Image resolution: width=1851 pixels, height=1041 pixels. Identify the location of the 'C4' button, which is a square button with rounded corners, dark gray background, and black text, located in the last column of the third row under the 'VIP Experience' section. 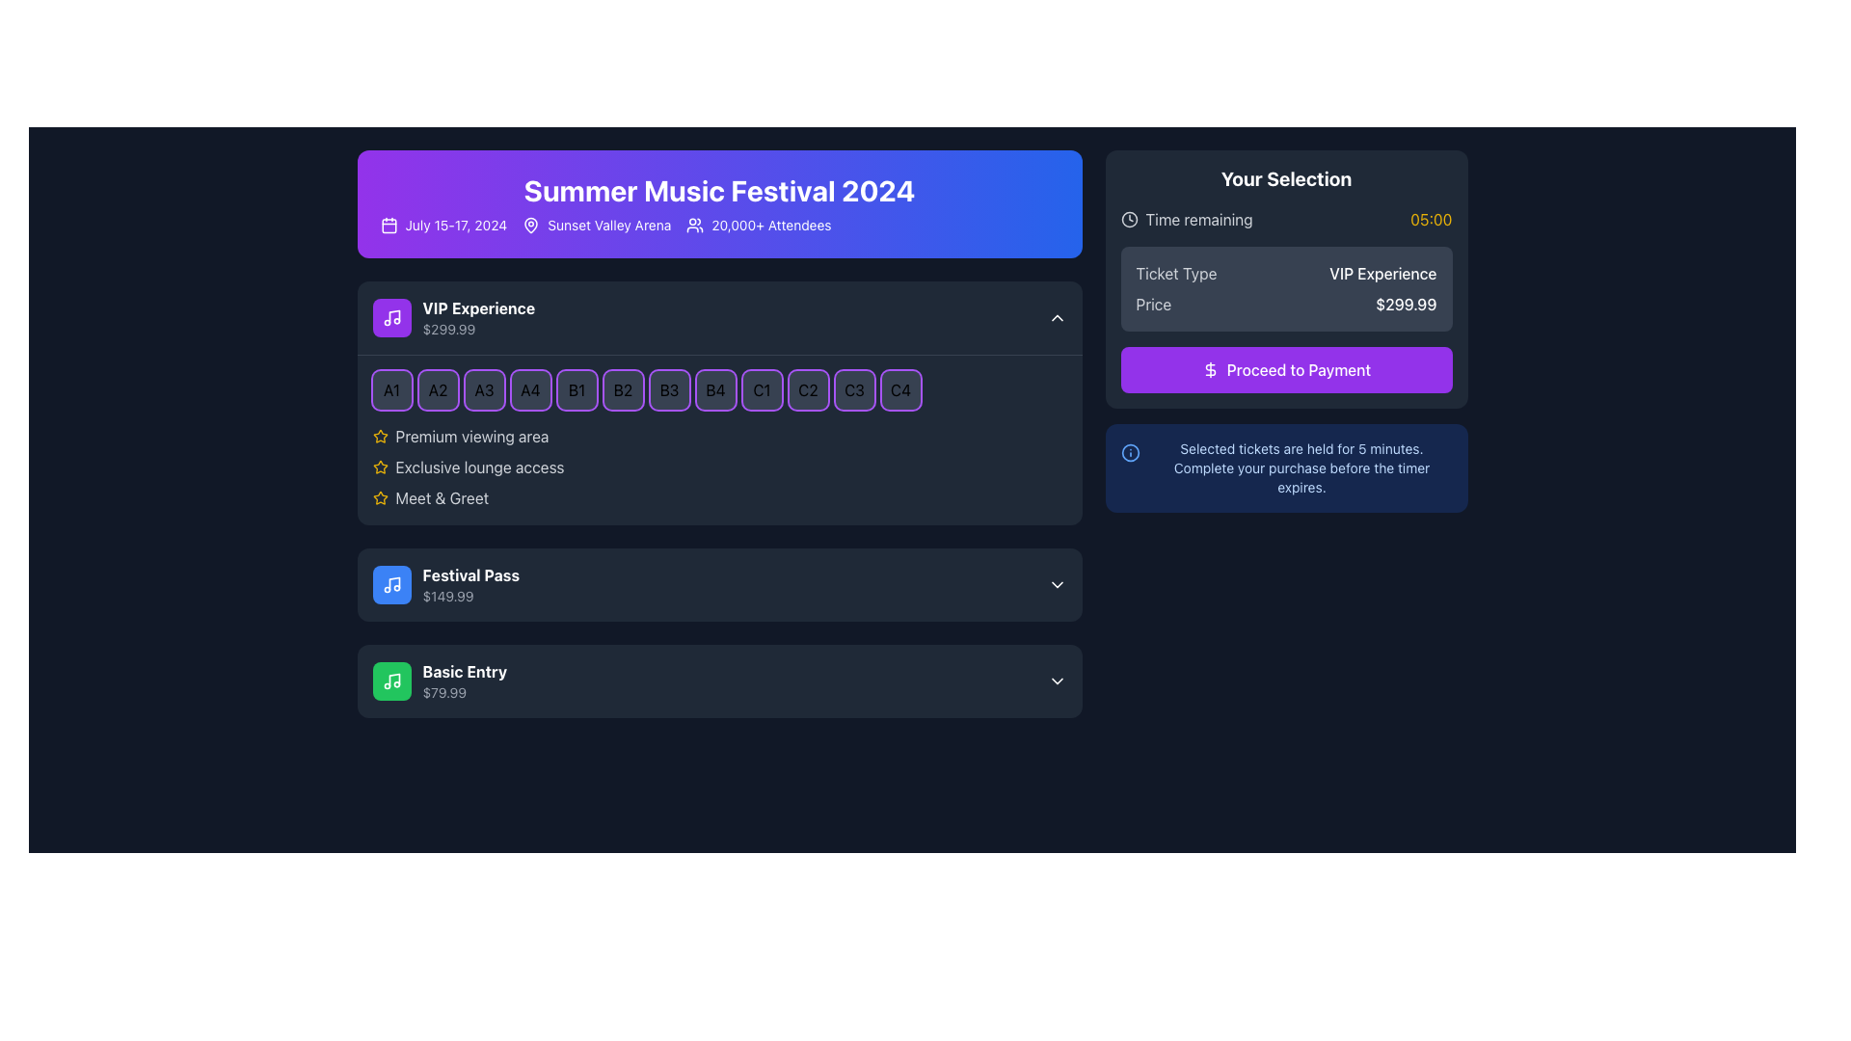
(899, 390).